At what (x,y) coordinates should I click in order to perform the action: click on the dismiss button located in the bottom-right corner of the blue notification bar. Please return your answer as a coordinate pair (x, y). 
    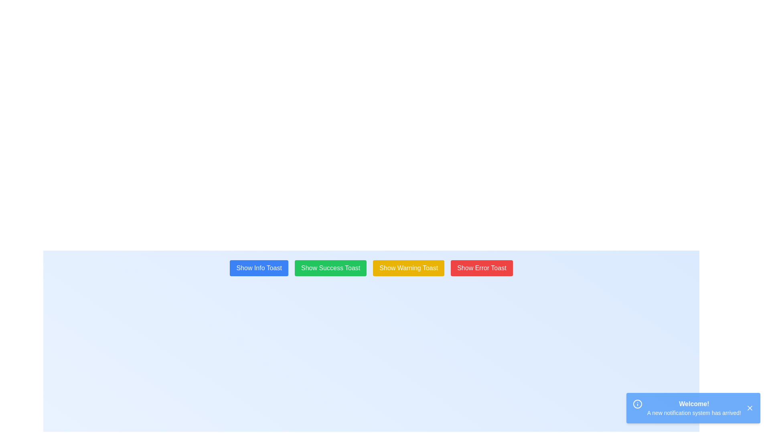
    Looking at the image, I should click on (750, 408).